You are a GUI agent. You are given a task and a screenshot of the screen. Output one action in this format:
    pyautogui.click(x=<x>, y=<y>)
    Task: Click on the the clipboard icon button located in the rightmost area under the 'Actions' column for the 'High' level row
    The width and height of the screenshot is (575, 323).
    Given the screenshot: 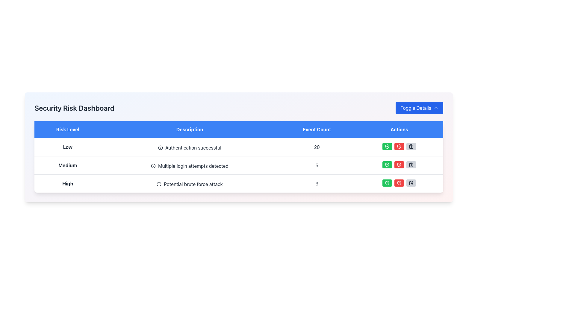 What is the action you would take?
    pyautogui.click(x=411, y=165)
    